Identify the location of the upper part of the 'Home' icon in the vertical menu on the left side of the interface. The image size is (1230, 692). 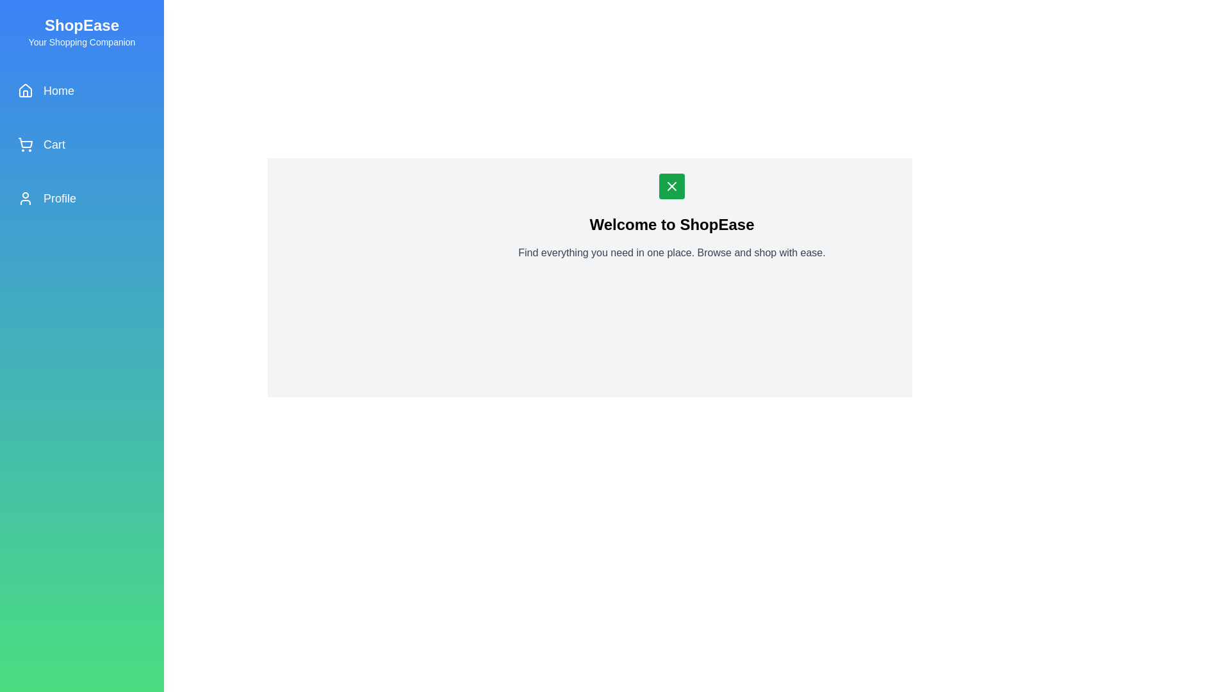
(25, 90).